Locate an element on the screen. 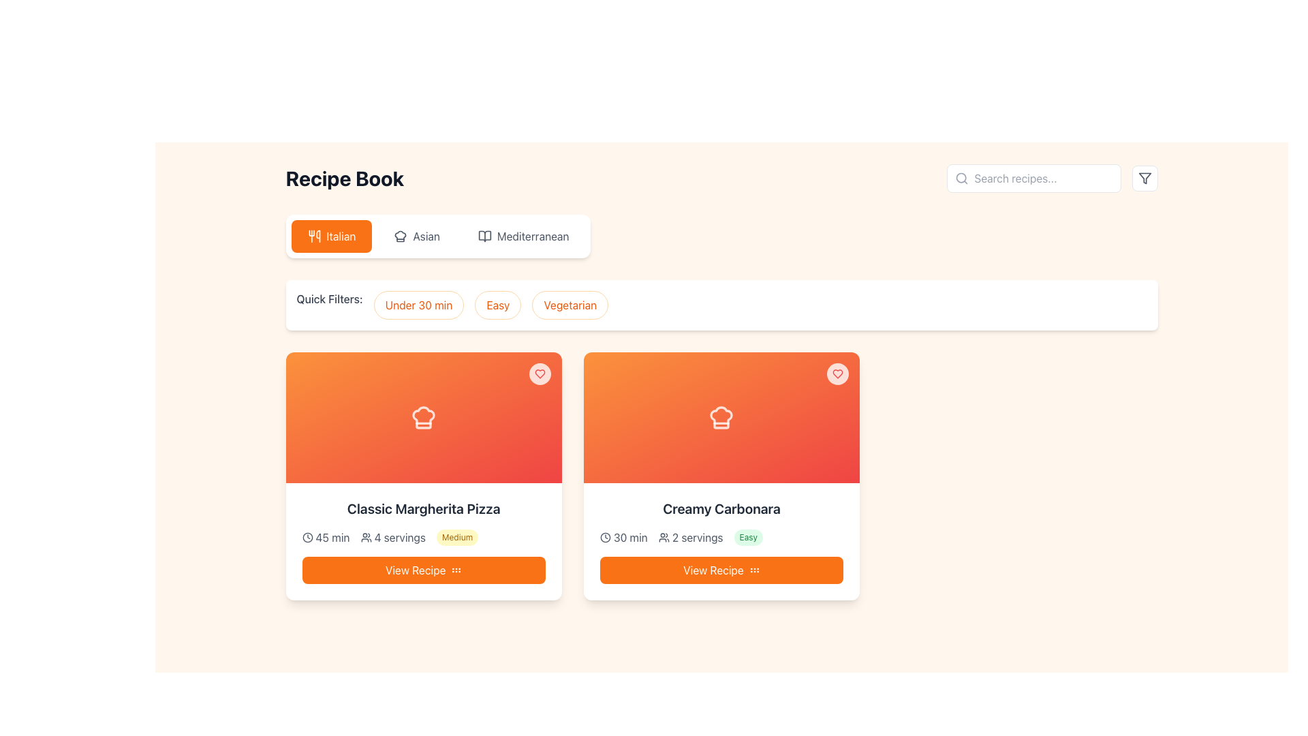  the chef's hat icon located at the top of the 'Creamy Carbonara' recipe card to initiate an action or navigate is located at coordinates (721, 416).